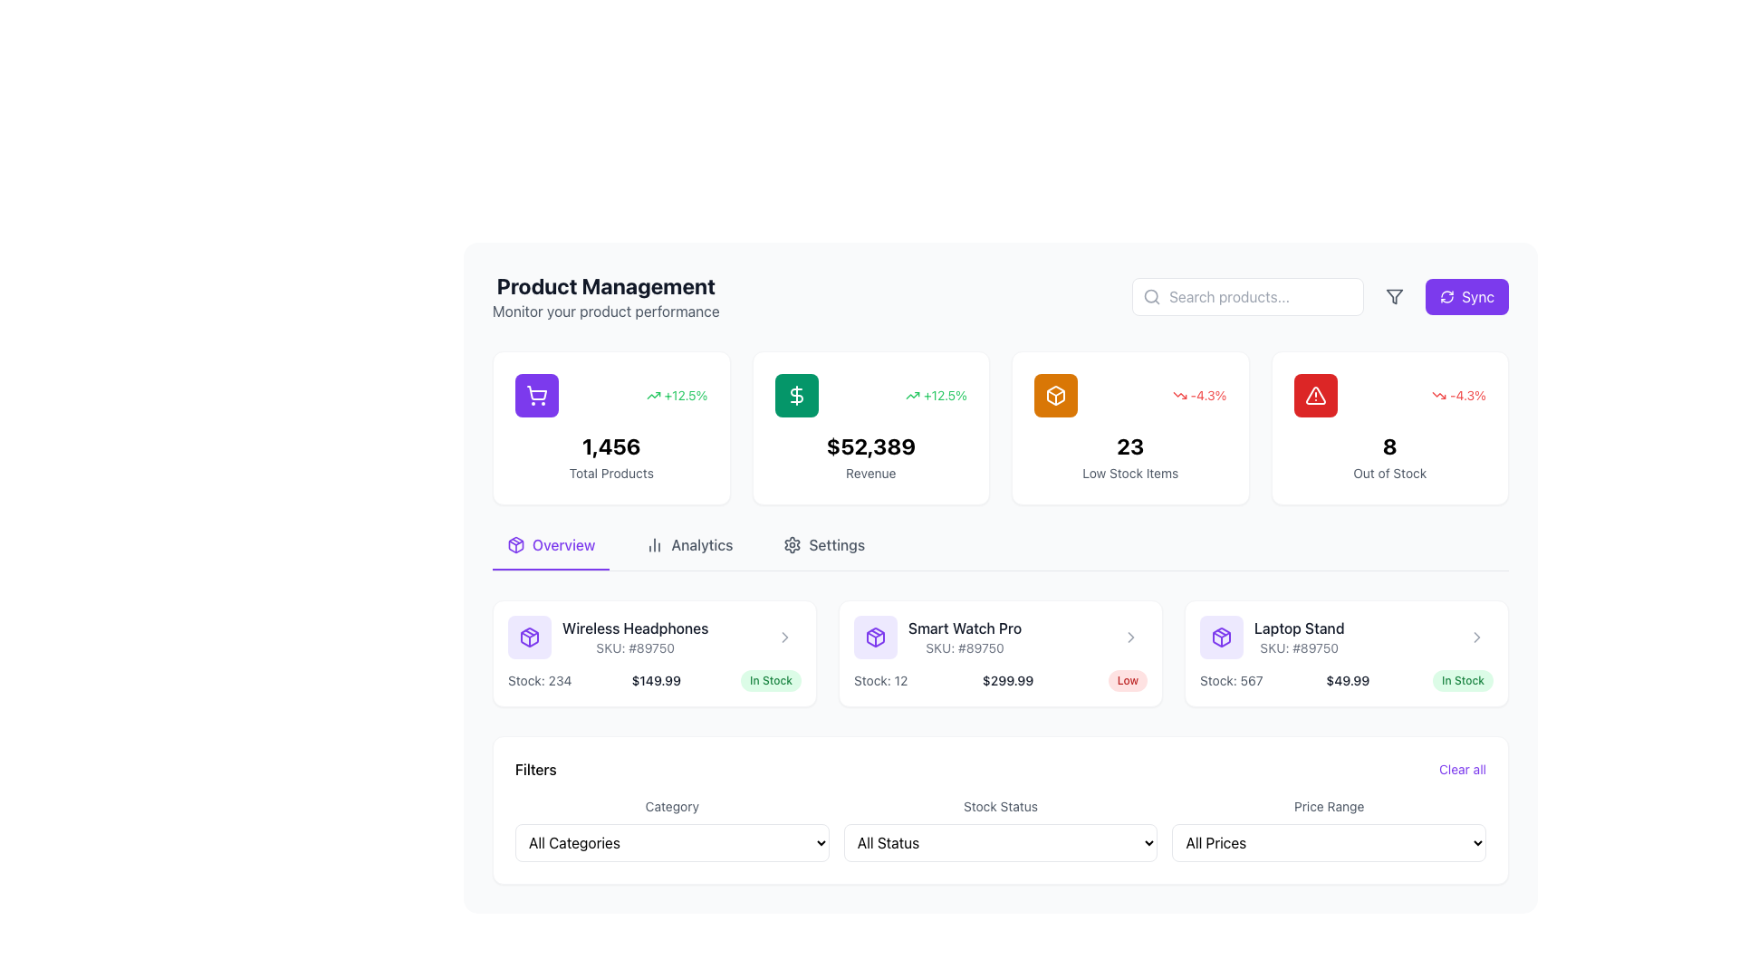 The image size is (1739, 978). I want to click on the Text with Icon Indicator located at the top-right corner of the 'Low Stock Items' card, positioned to the right of the number '23', so click(1199, 394).